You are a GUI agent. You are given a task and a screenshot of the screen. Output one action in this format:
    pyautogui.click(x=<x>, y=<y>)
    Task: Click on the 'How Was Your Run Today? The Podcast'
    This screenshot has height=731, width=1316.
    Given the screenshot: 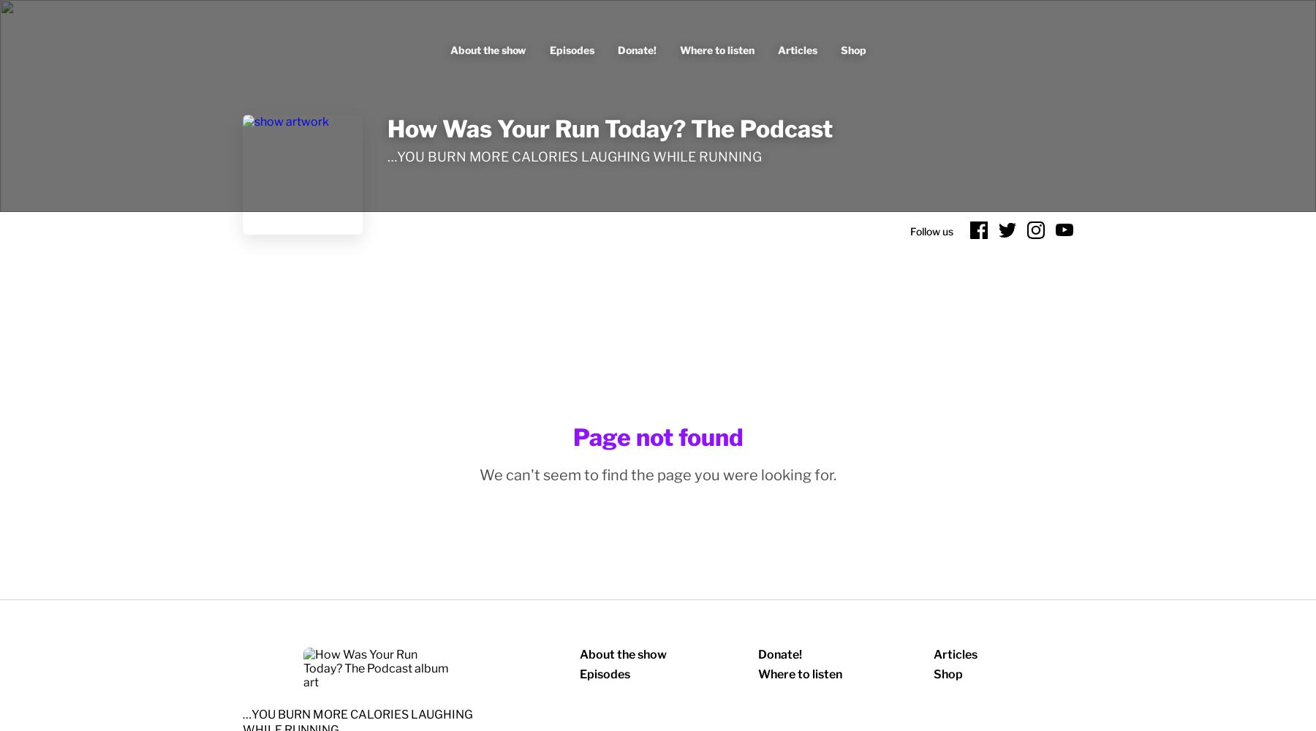 What is the action you would take?
    pyautogui.click(x=610, y=129)
    